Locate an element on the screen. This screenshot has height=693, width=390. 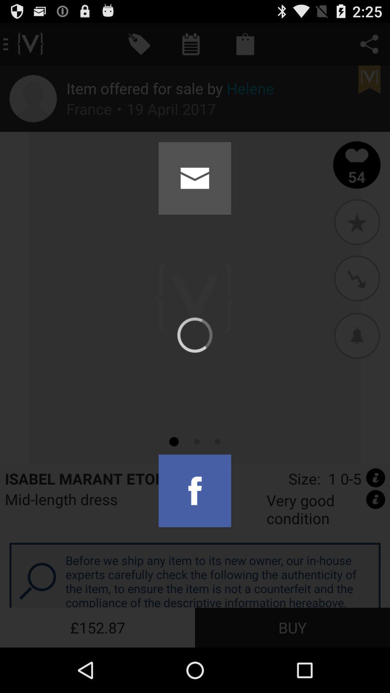
app to the left of item offered for item is located at coordinates (33, 98).